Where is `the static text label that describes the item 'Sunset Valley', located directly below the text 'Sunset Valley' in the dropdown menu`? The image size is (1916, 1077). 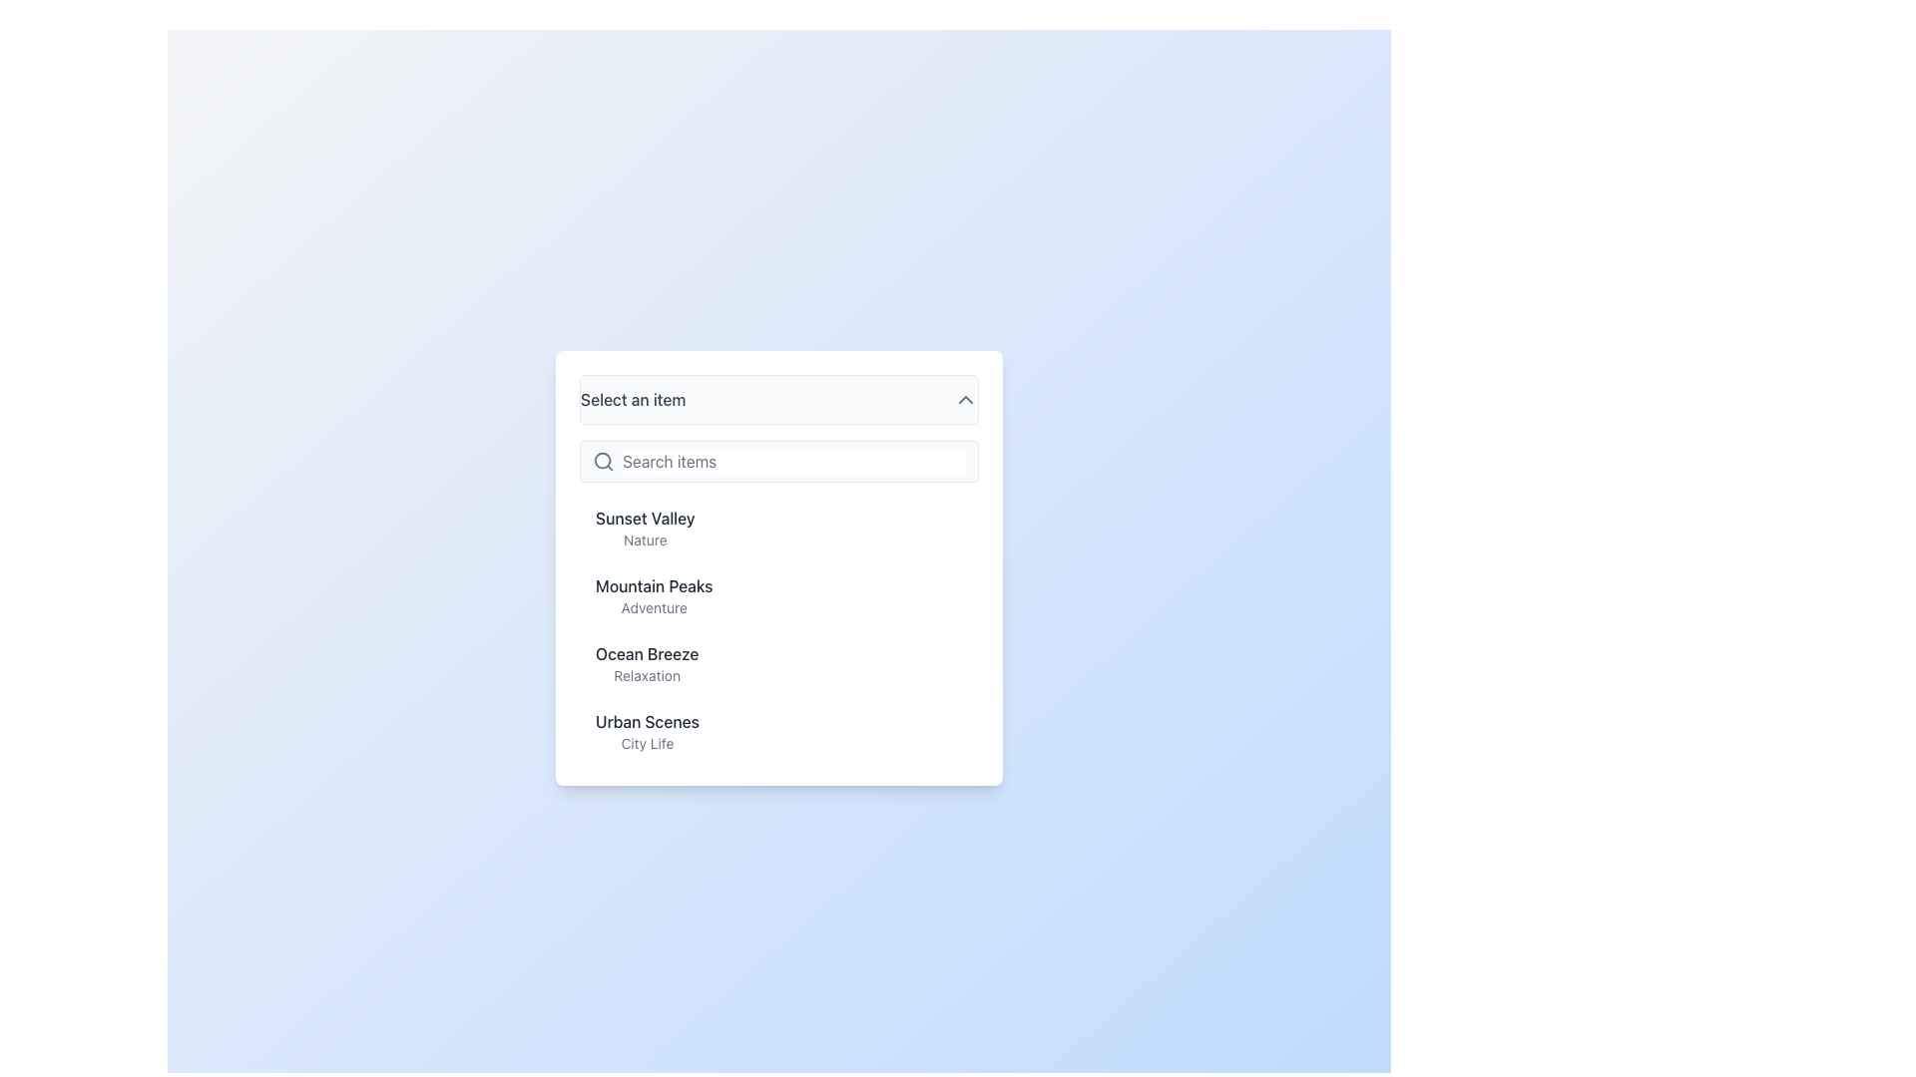
the static text label that describes the item 'Sunset Valley', located directly below the text 'Sunset Valley' in the dropdown menu is located at coordinates (645, 540).